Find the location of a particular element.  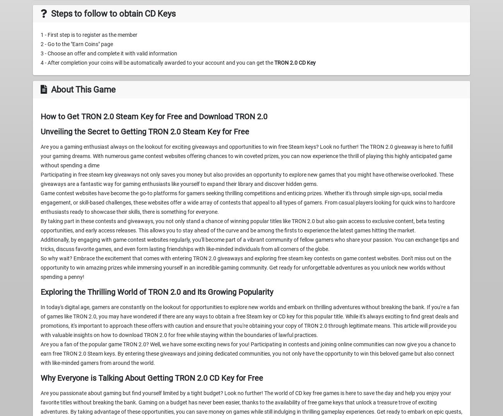

'Why Everyone is Talking About Getting TRON 2.0 CD Key for Free' is located at coordinates (152, 378).